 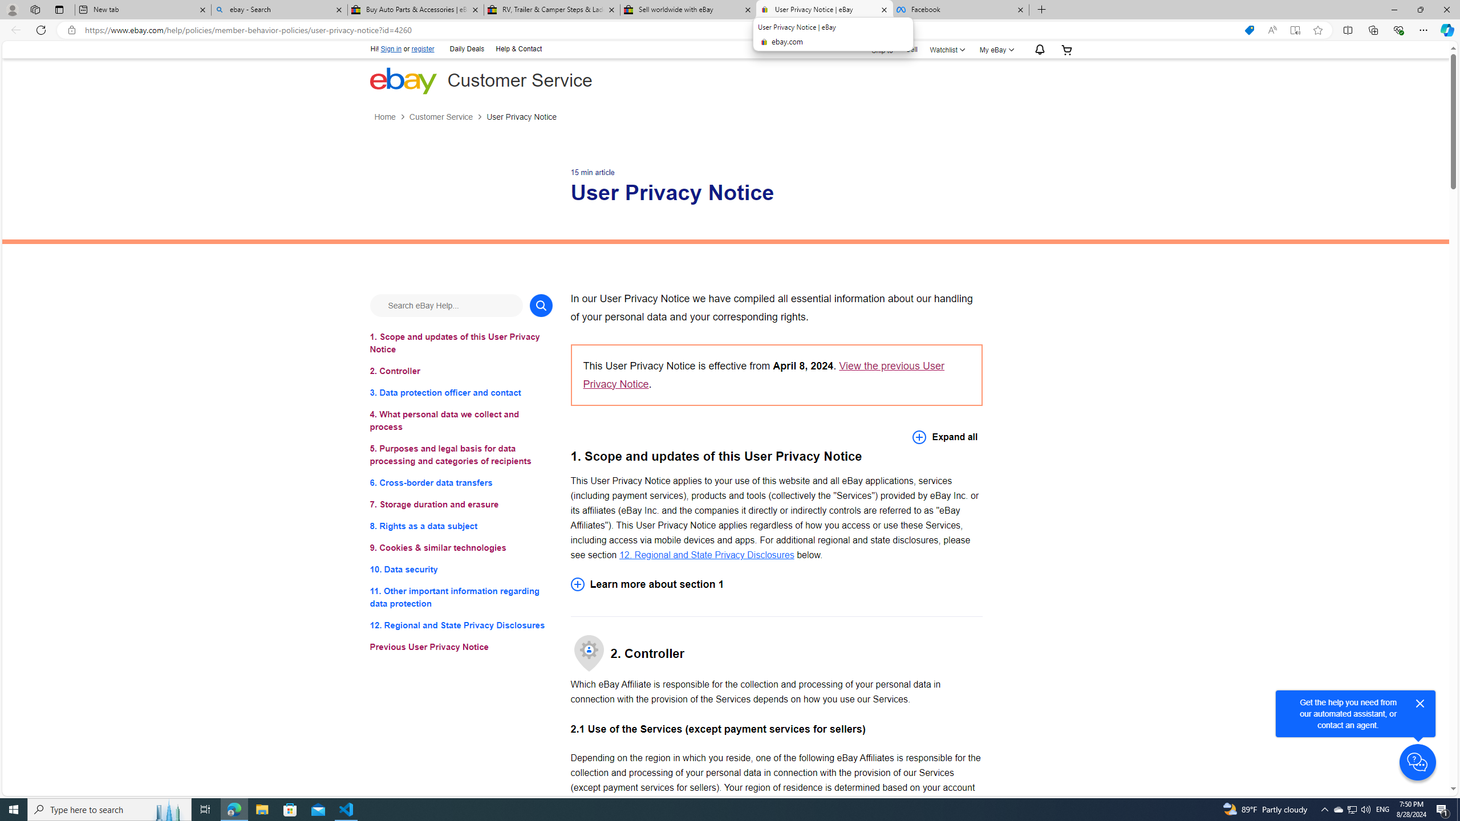 I want to click on '3. Data protection officer and contact', so click(x=460, y=392).